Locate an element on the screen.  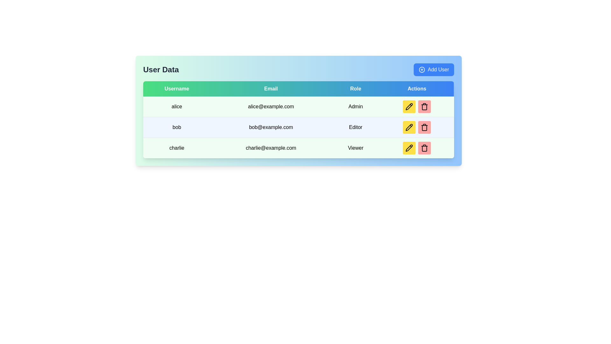
the email address display 'alice@example.com' in the table under the 'Email' column is located at coordinates (271, 106).